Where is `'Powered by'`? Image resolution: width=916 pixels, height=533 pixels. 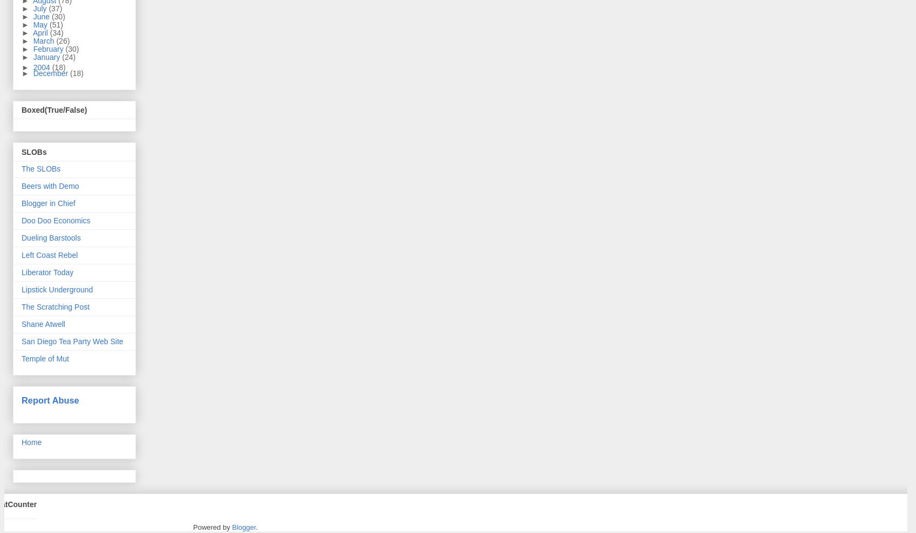 'Powered by' is located at coordinates (193, 527).